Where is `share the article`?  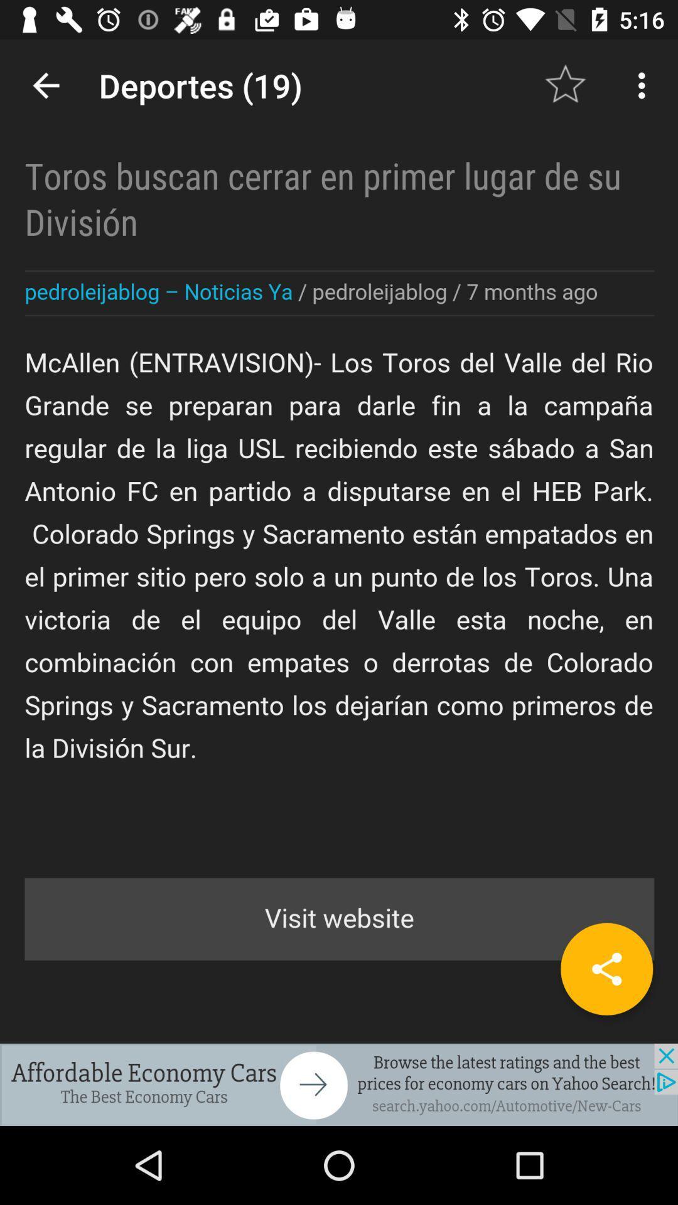
share the article is located at coordinates (606, 968).